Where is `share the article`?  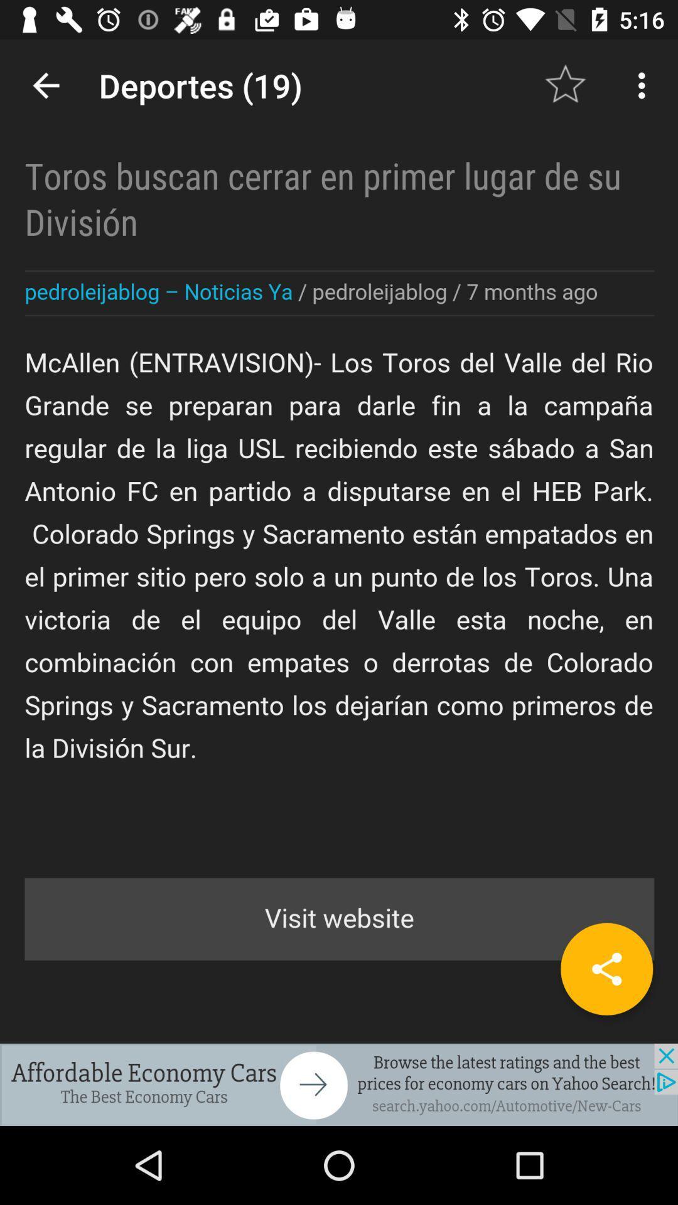
share the article is located at coordinates (606, 968).